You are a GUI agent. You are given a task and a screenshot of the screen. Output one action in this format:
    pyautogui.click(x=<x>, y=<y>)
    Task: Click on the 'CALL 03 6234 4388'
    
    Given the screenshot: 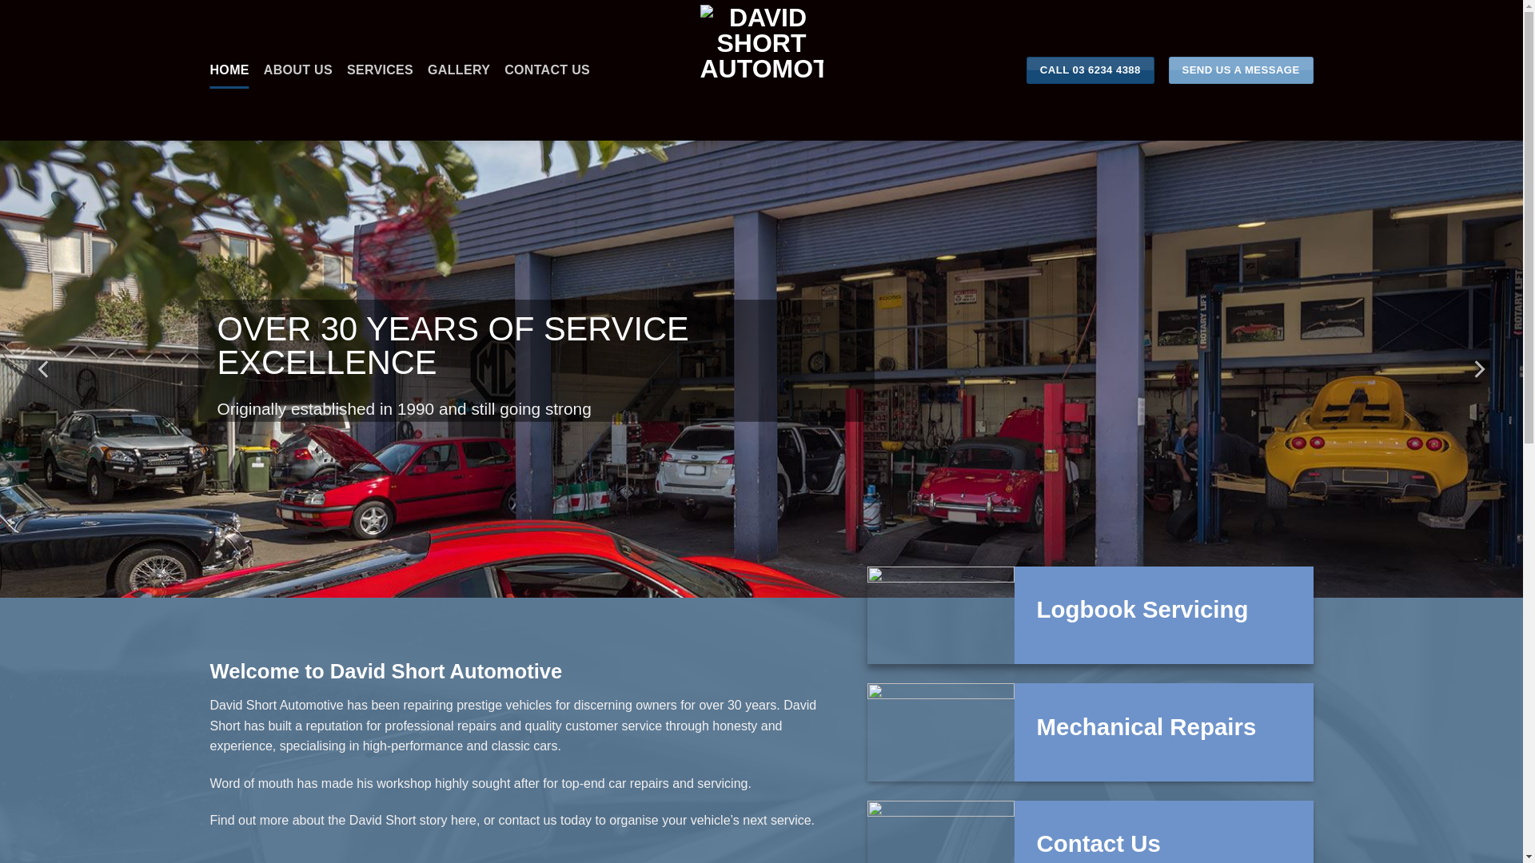 What is the action you would take?
    pyautogui.click(x=1089, y=70)
    